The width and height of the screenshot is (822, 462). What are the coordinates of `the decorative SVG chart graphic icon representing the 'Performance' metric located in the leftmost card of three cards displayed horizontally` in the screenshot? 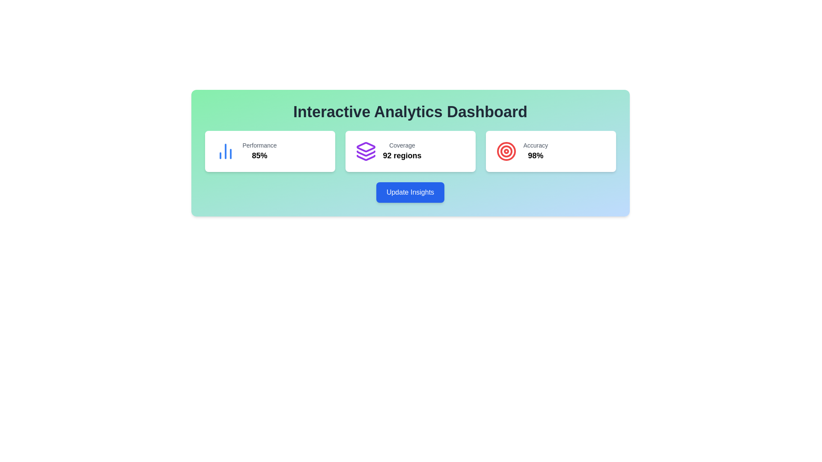 It's located at (225, 151).